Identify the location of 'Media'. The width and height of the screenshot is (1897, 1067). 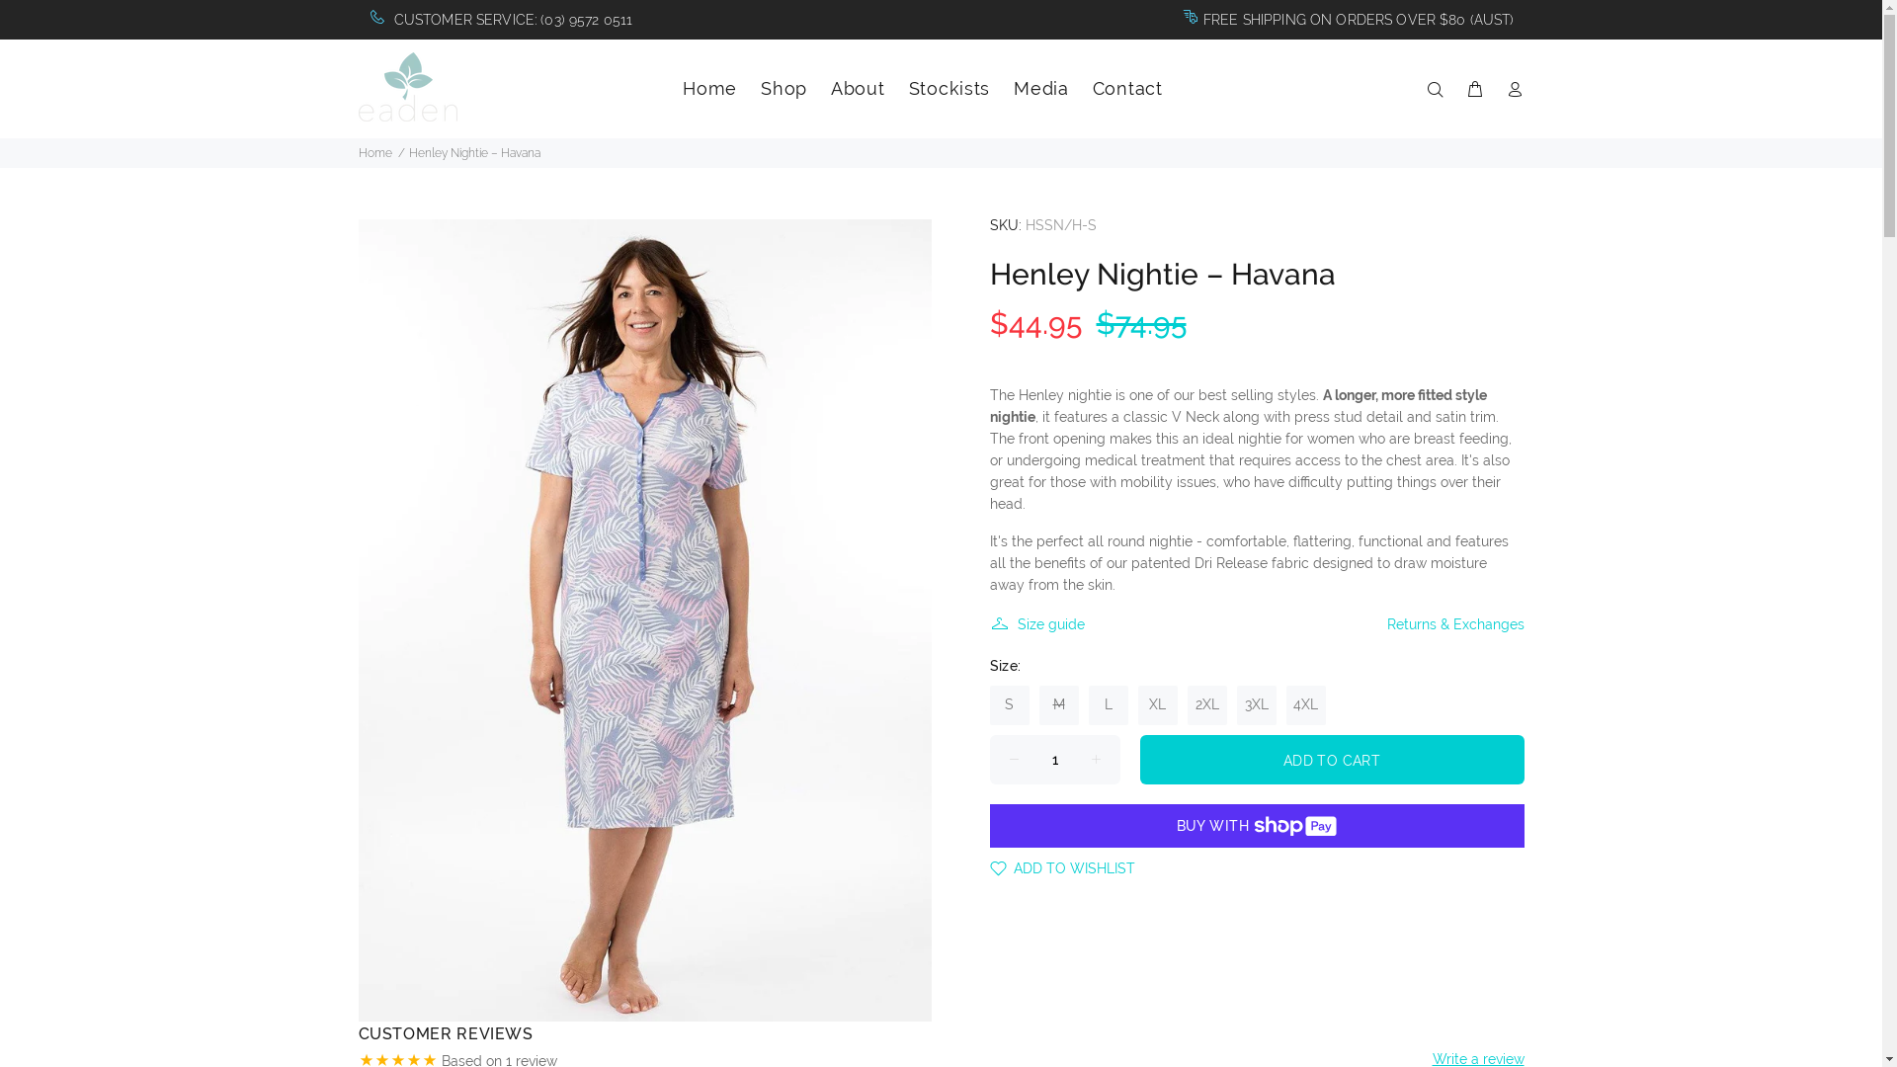
(1059, 87).